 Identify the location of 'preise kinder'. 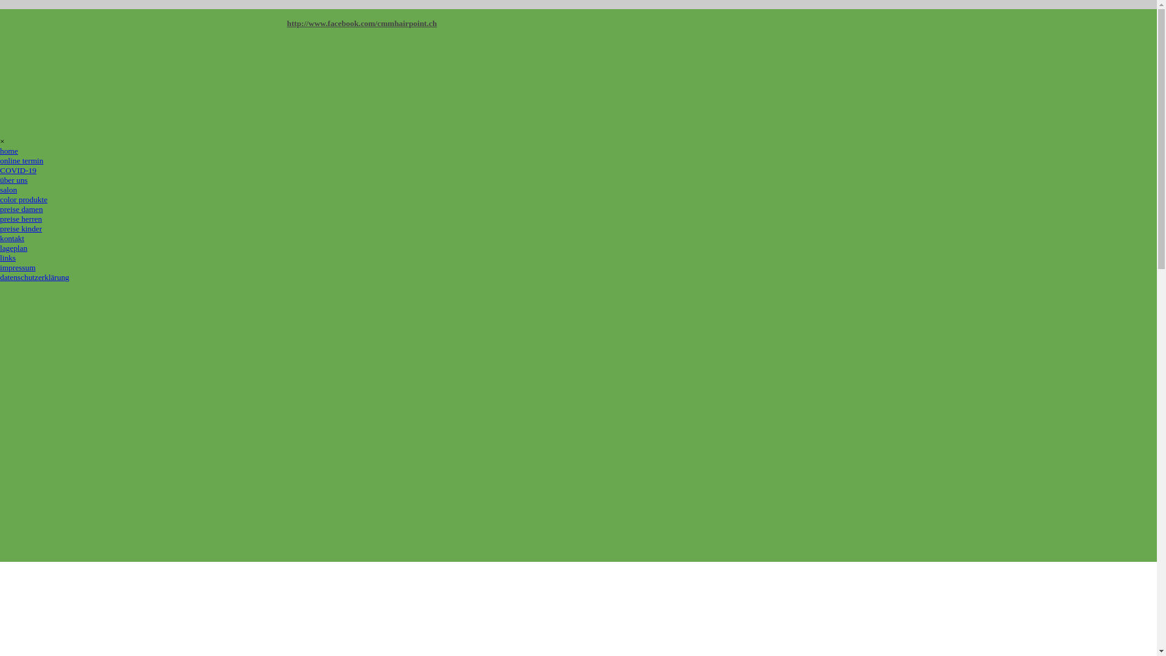
(21, 228).